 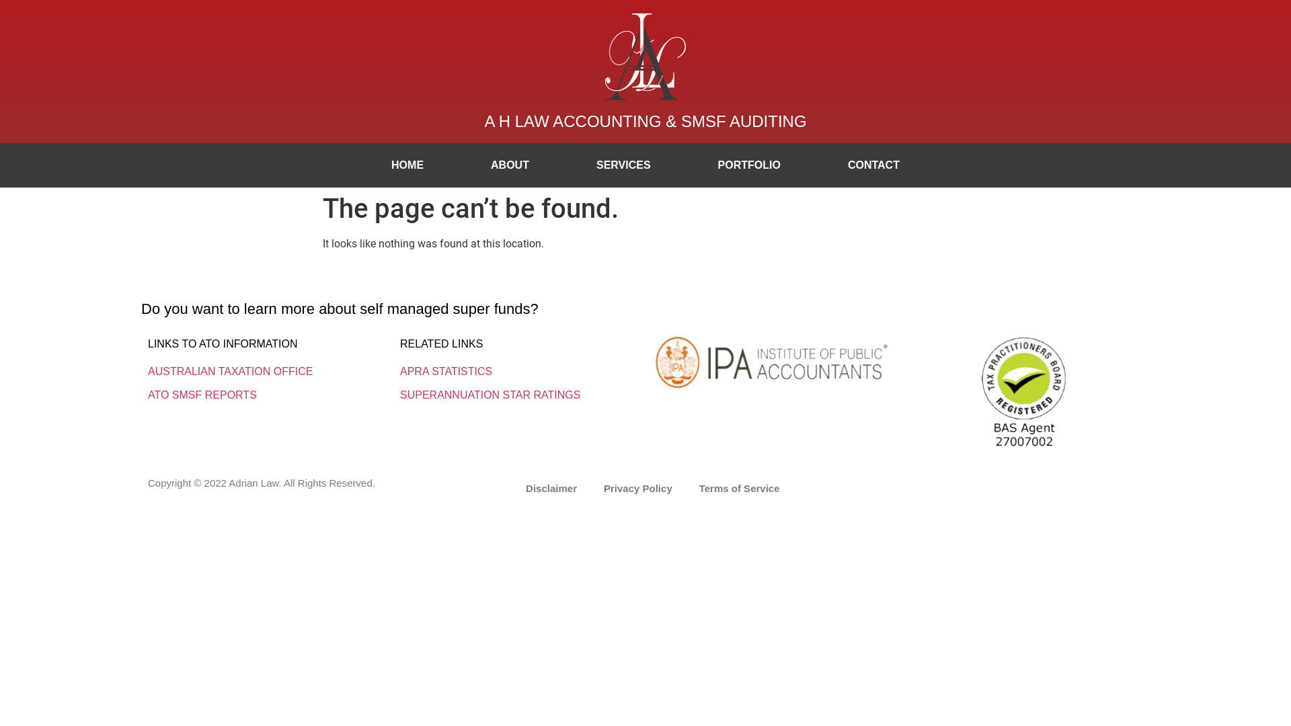 I want to click on 'Terms of Service', so click(x=738, y=488).